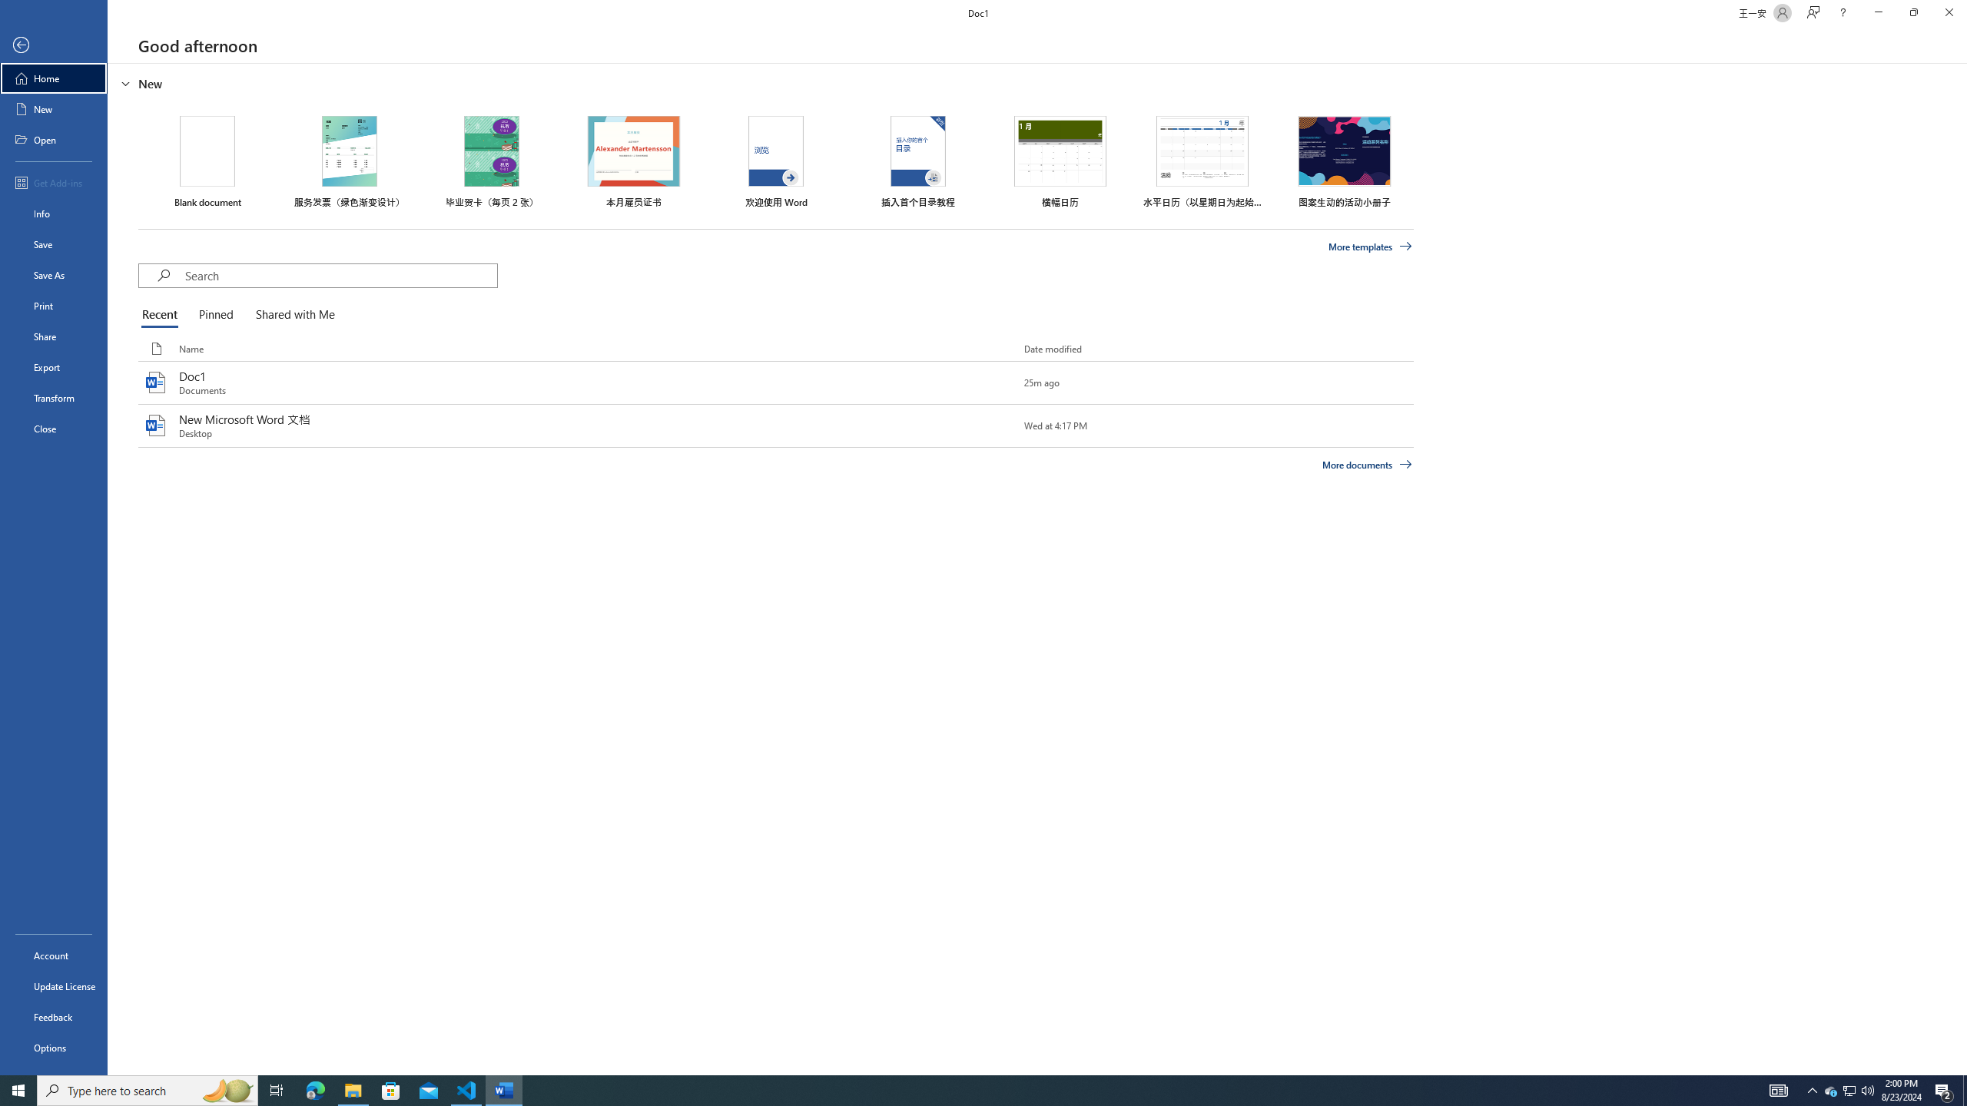  Describe the element at coordinates (53, 243) in the screenshot. I see `'Save'` at that location.